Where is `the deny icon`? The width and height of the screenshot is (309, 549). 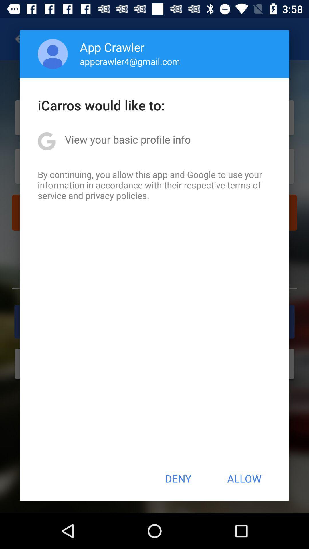 the deny icon is located at coordinates (178, 478).